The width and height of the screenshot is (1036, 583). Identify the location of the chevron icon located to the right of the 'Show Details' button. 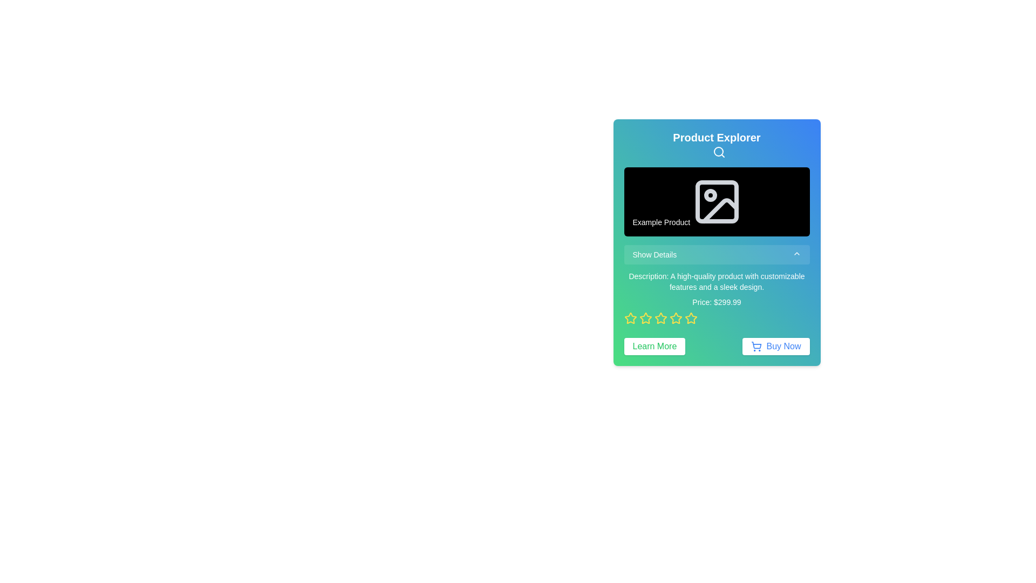
(796, 253).